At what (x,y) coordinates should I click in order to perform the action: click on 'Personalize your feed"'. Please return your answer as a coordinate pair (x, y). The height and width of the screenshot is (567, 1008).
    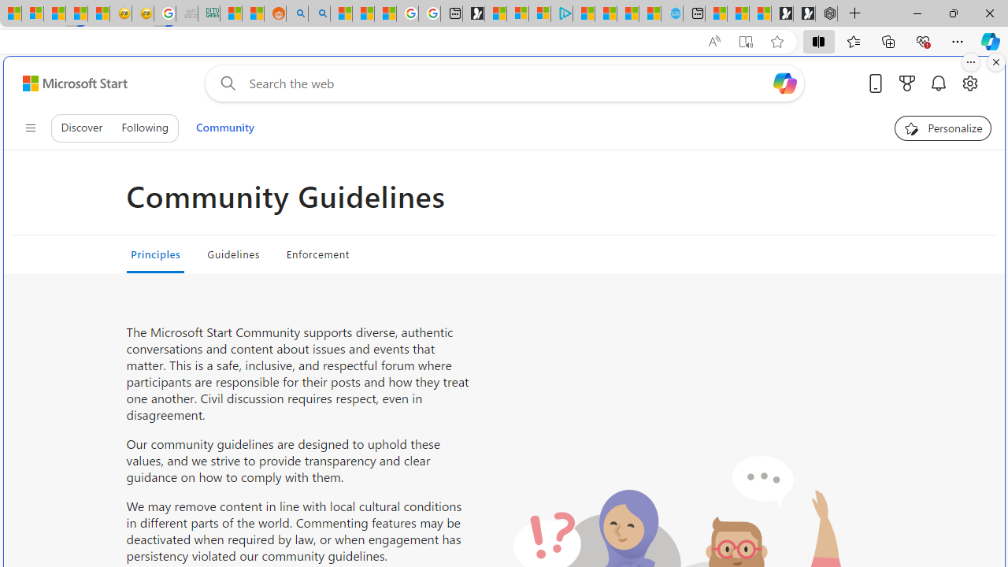
    Looking at the image, I should click on (943, 128).